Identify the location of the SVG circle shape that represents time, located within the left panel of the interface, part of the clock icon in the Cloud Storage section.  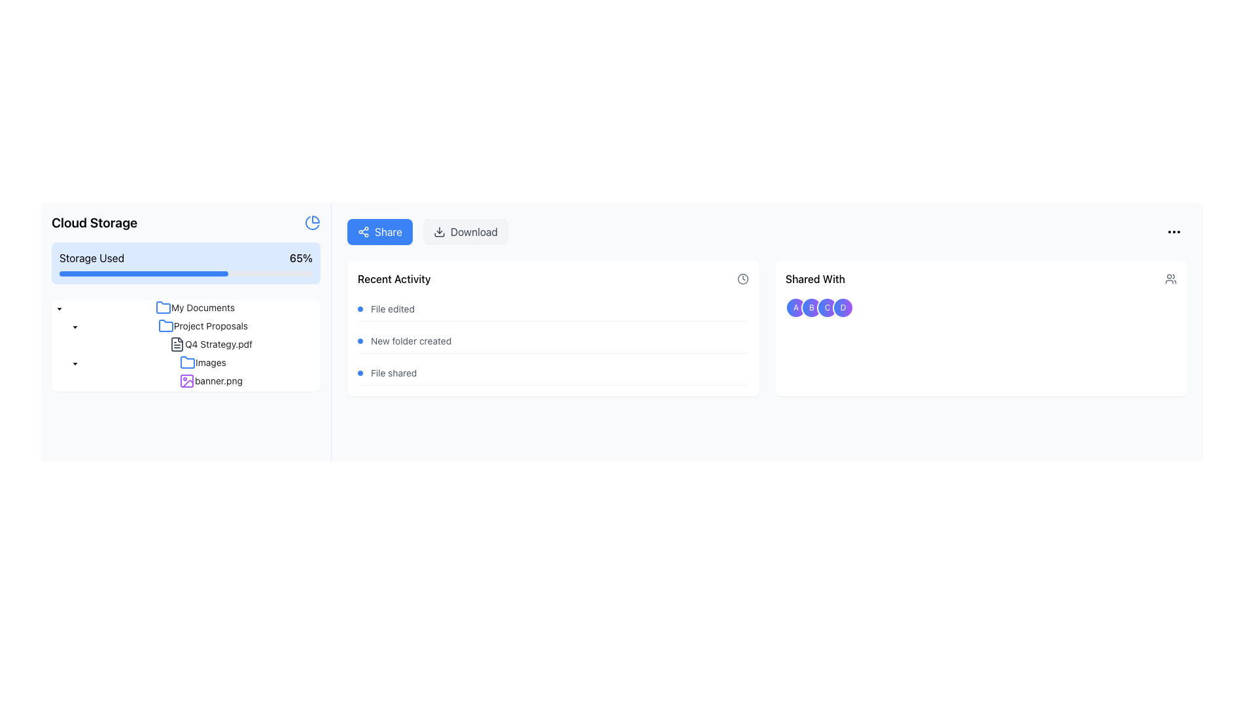
(743, 278).